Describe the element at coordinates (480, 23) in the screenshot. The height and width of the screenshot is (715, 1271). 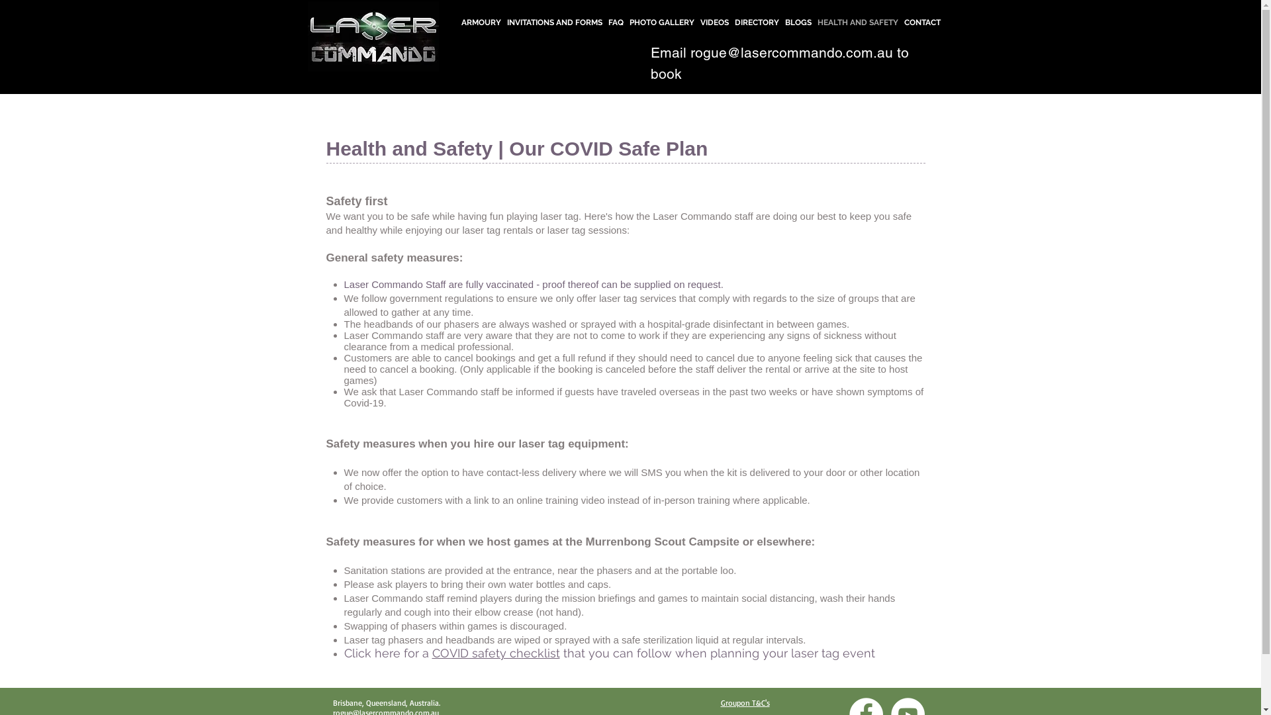
I see `'ARMOURY'` at that location.